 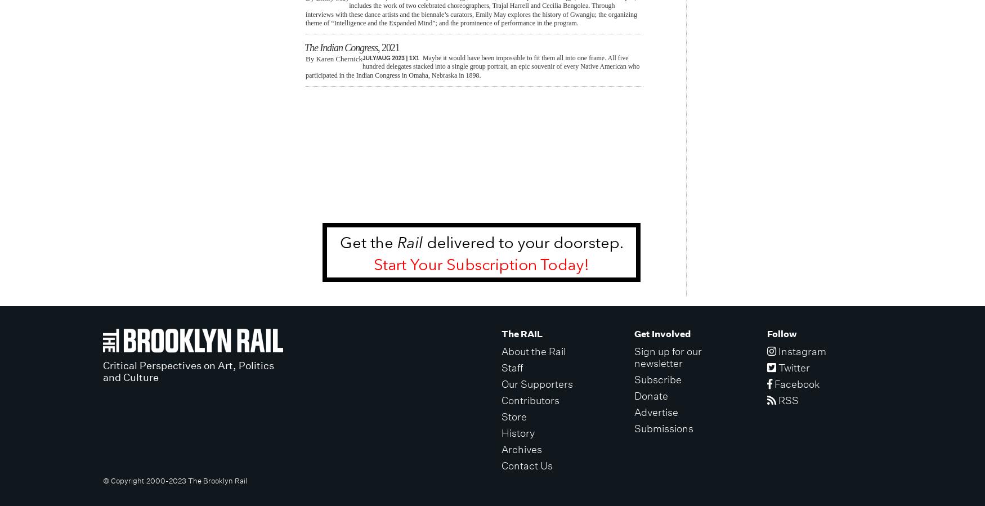 I want to click on 'Get Involved', so click(x=634, y=333).